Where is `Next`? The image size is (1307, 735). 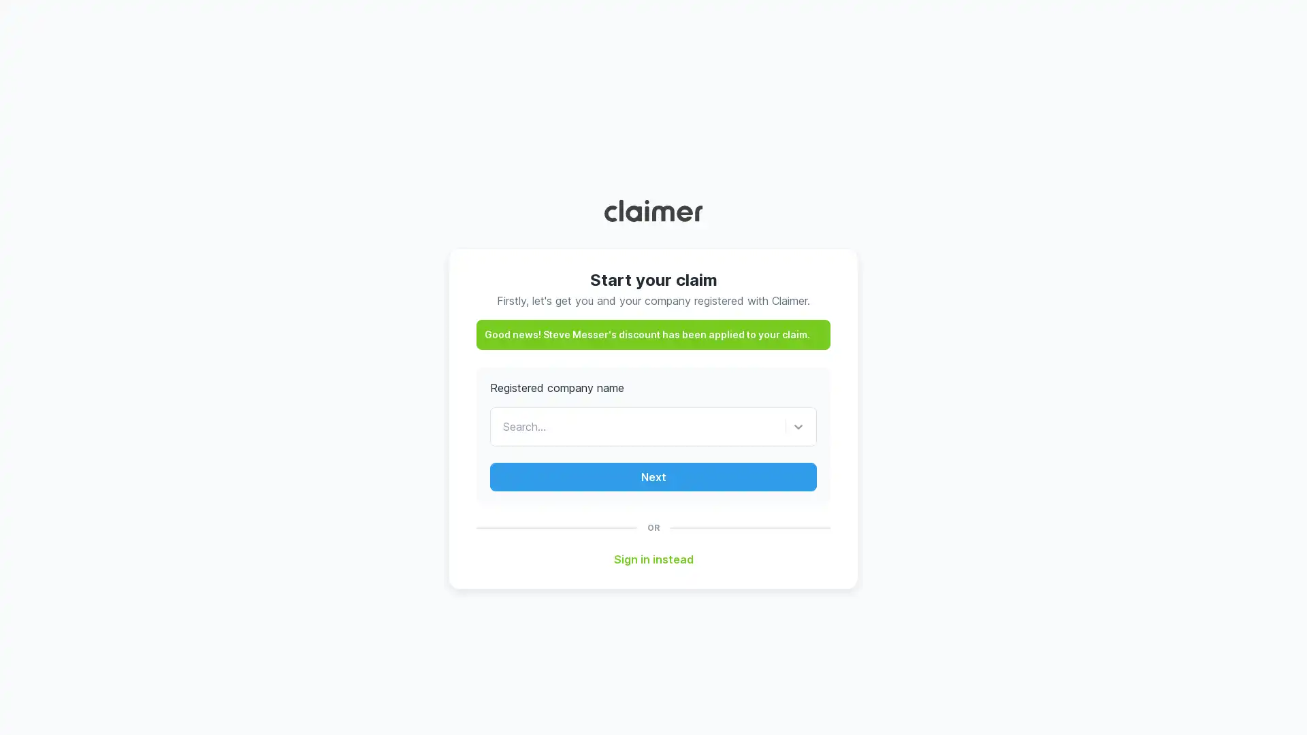
Next is located at coordinates (653, 476).